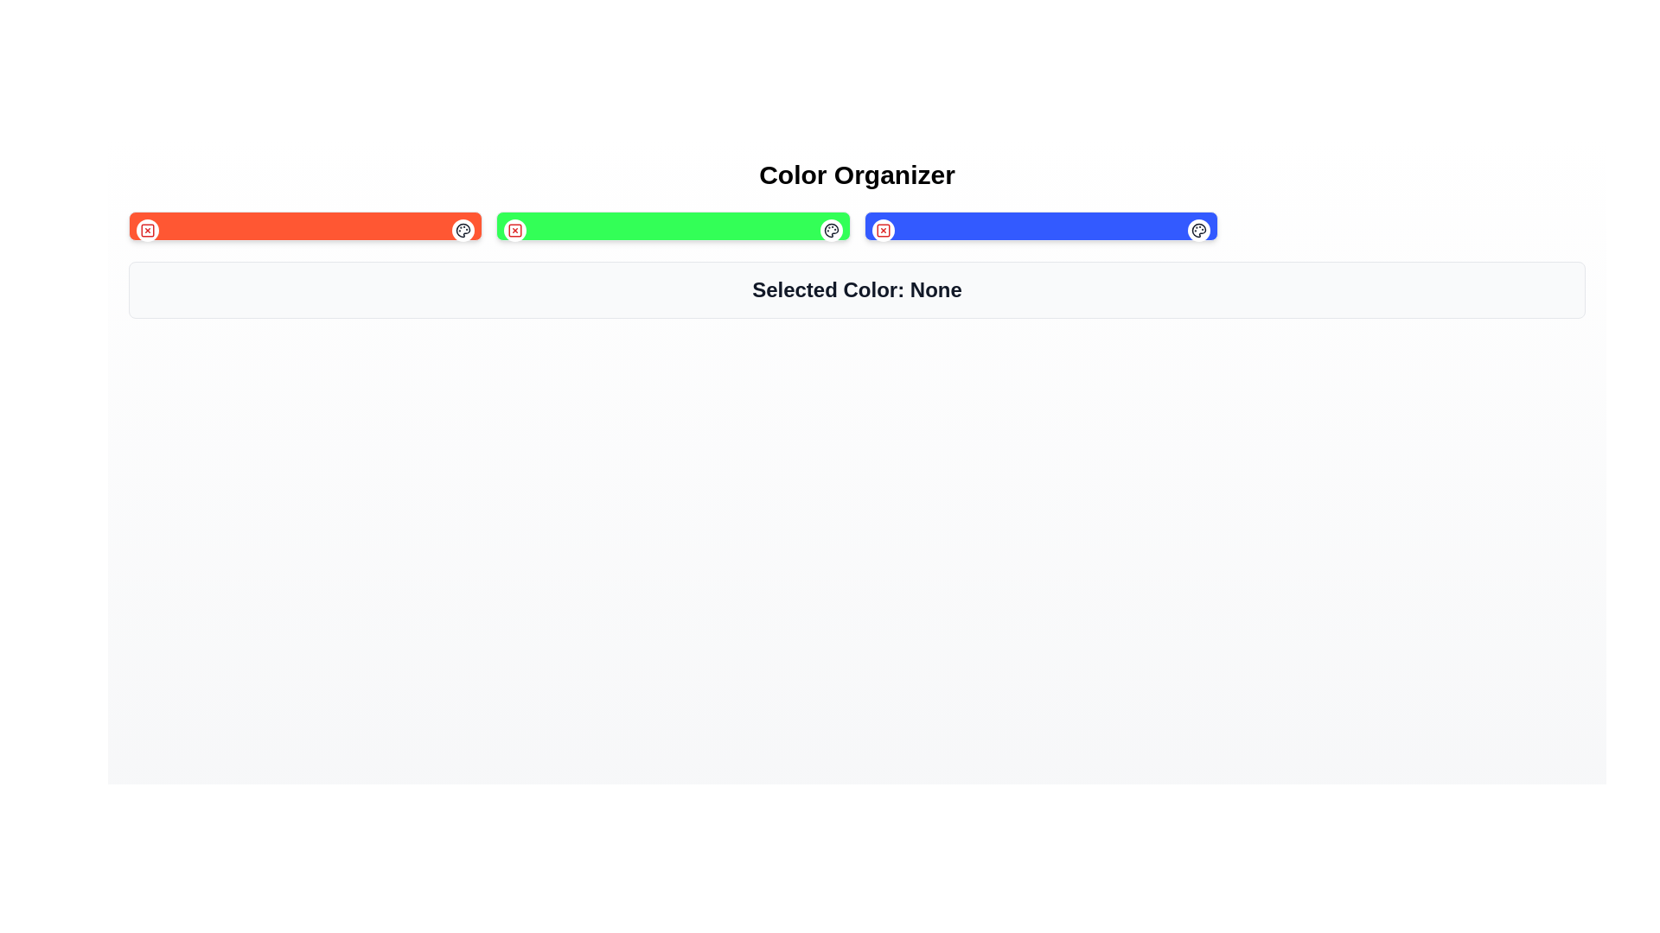  Describe the element at coordinates (831, 229) in the screenshot. I see `the color selection button located in the top-right corner of the green rectangular bar` at that location.